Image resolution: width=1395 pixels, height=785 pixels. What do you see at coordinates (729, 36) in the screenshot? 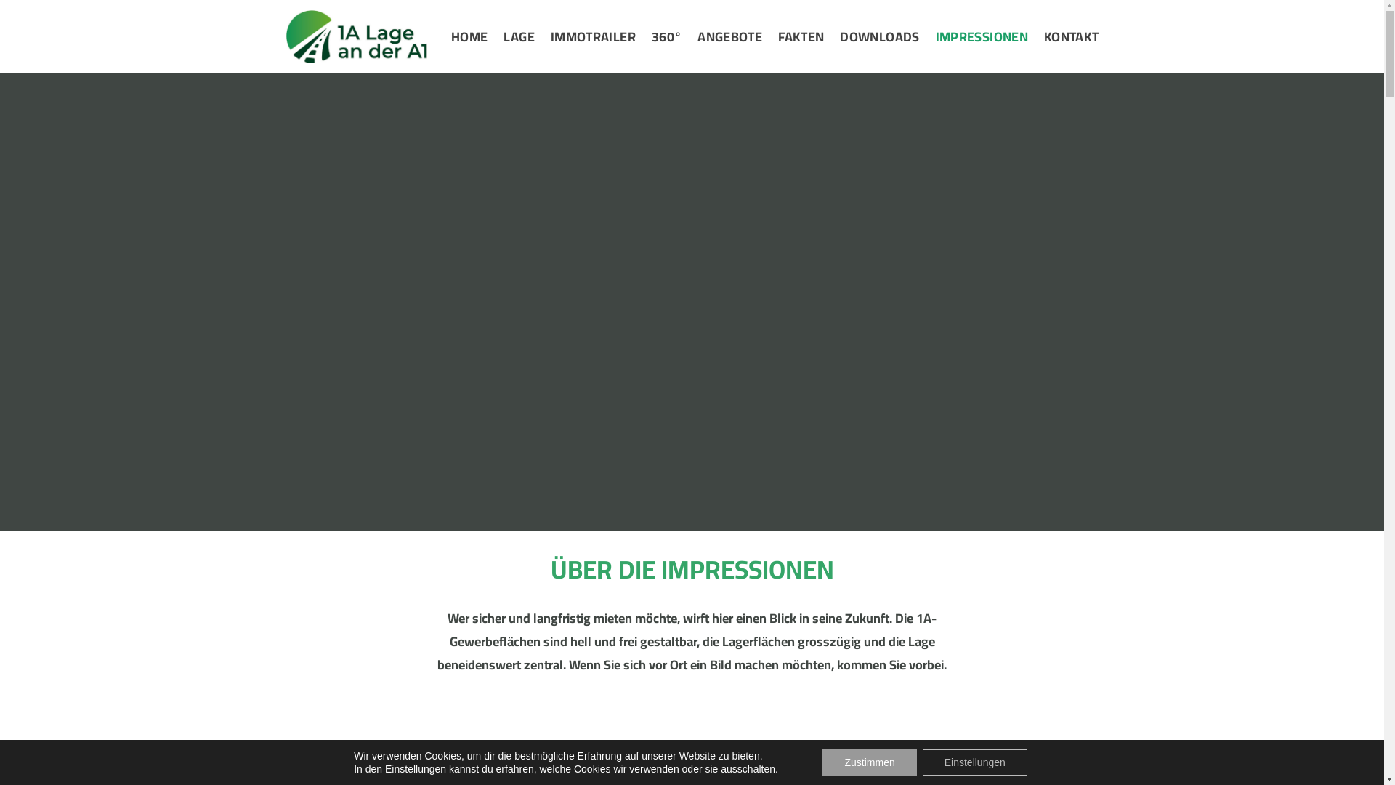
I see `'ANGEBOTE'` at bounding box center [729, 36].